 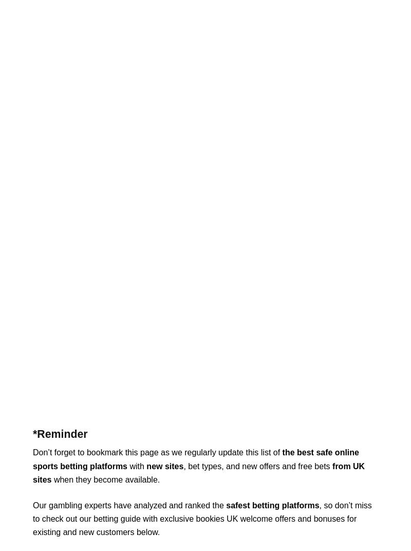 I want to click on ', so don’t miss to check out our betting guide with exclusive bookies UK welcome offers and bonuses for existing and new customers below.', so click(x=201, y=519).